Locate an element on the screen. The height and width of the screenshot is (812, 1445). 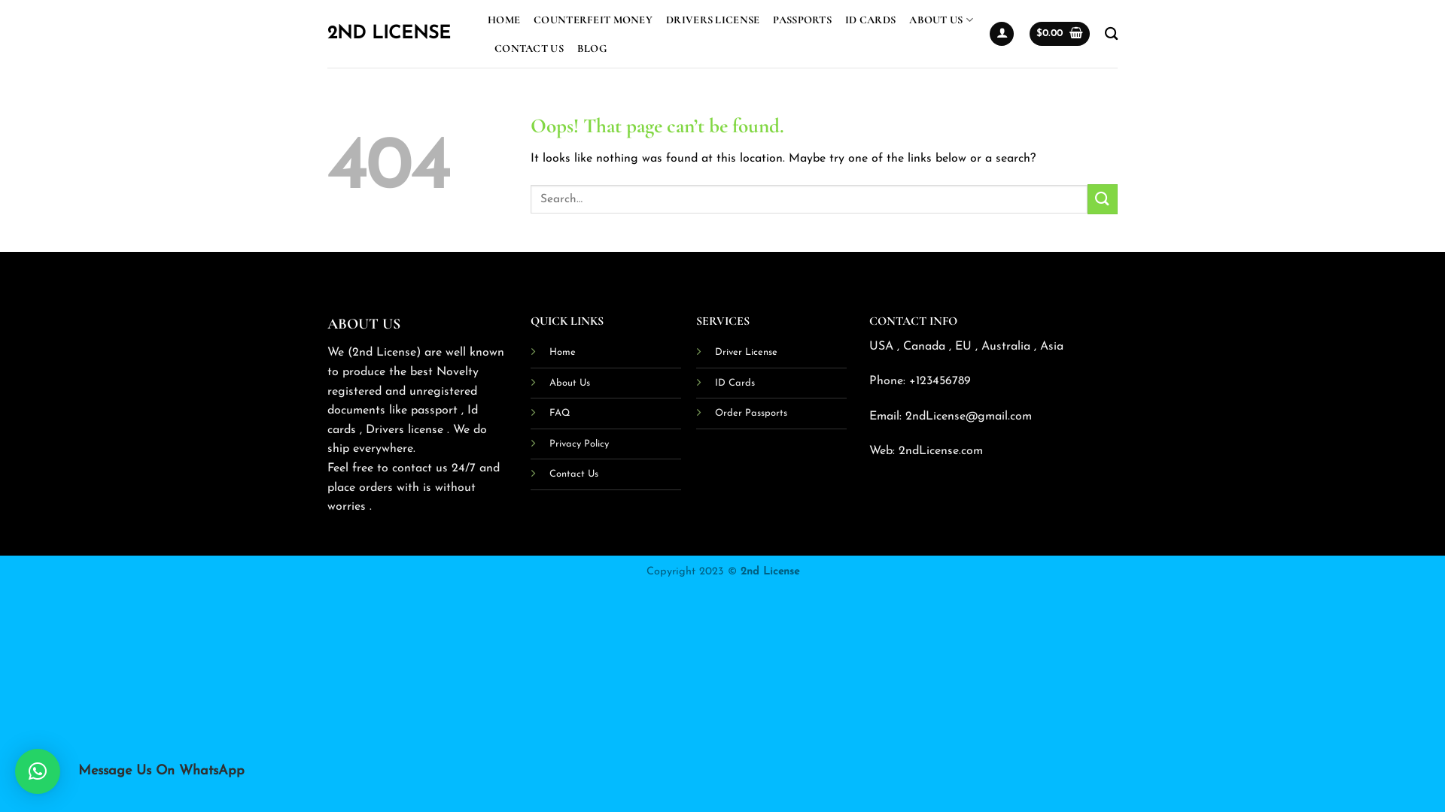
'HOME' is located at coordinates (503, 20).